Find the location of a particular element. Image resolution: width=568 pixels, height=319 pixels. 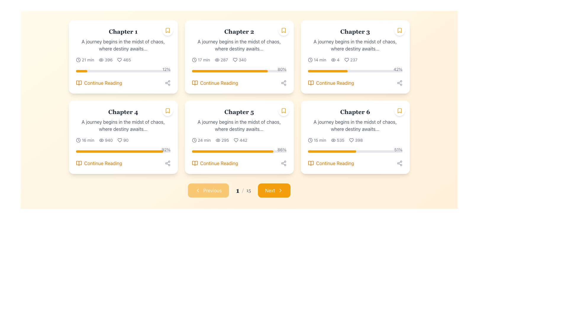

the static label indicating the estimated reading time for Chapter 6, which is located below the title and description, adjacent to the clock icon is located at coordinates (319, 140).